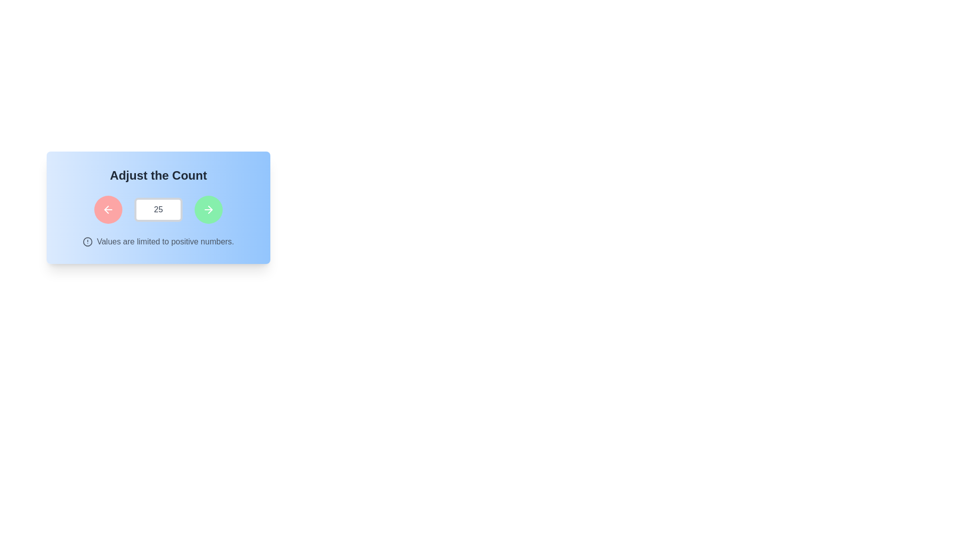 Image resolution: width=963 pixels, height=542 pixels. I want to click on the decrement button located within the 'Adjust the Count' section to observe the hover effect, so click(108, 209).